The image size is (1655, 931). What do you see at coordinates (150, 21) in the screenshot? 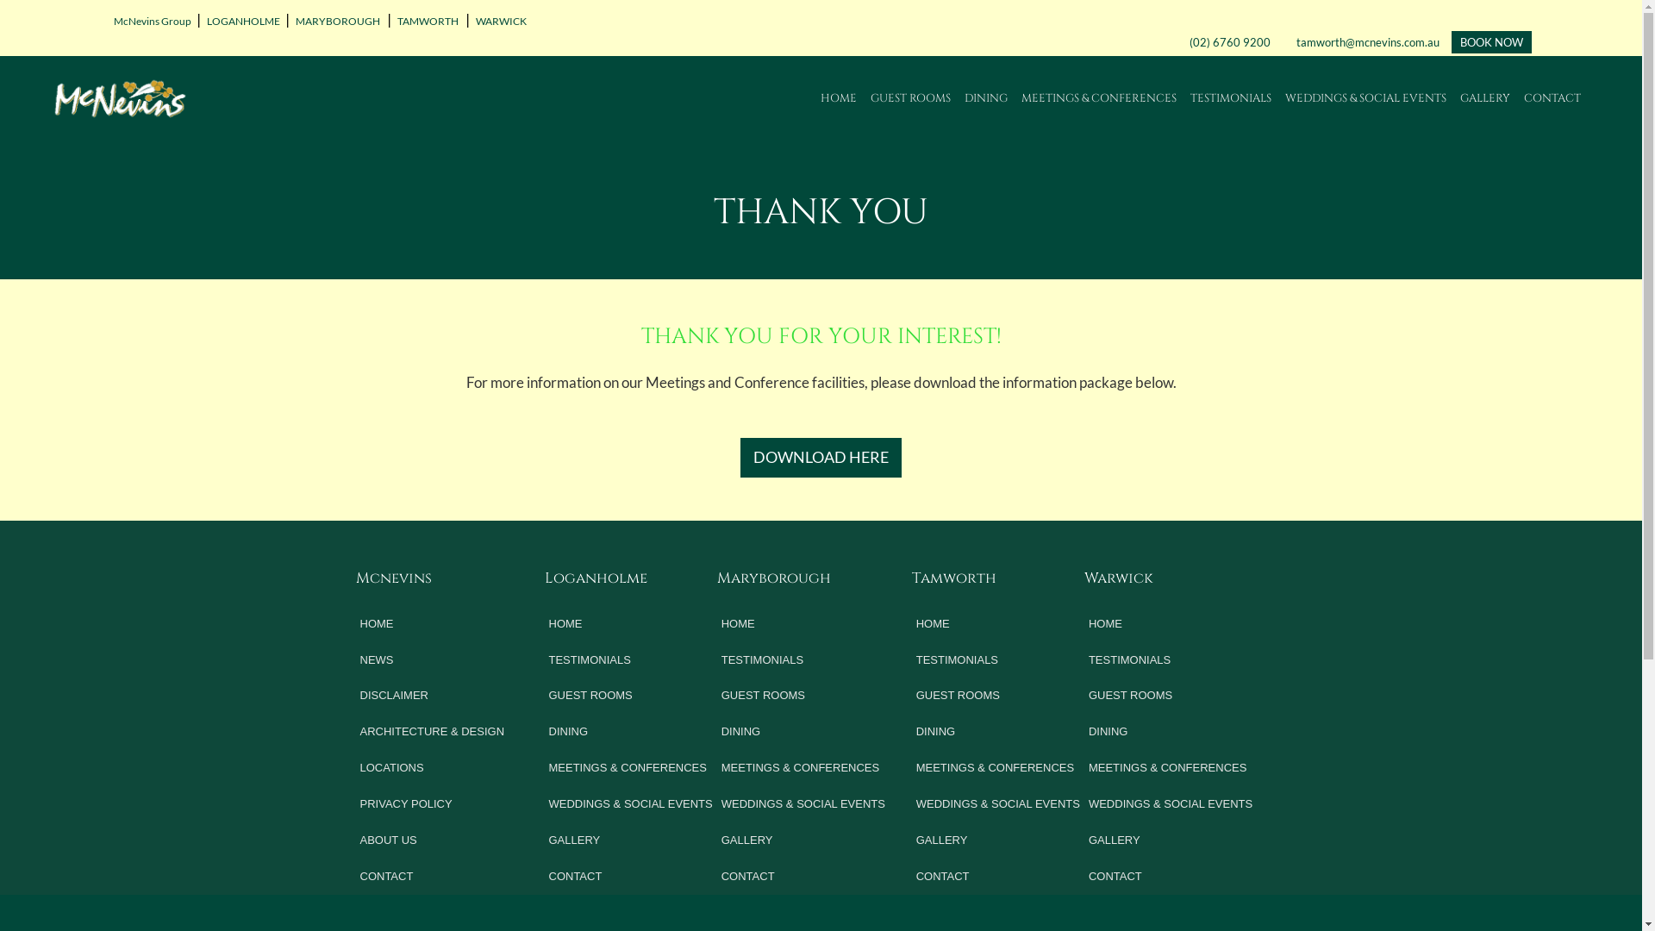
I see `'  McNevins Group'` at bounding box center [150, 21].